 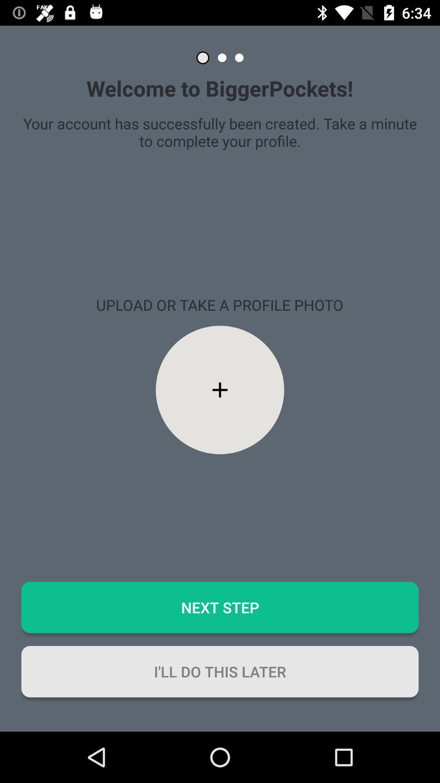 I want to click on app below the upload or take item, so click(x=220, y=389).